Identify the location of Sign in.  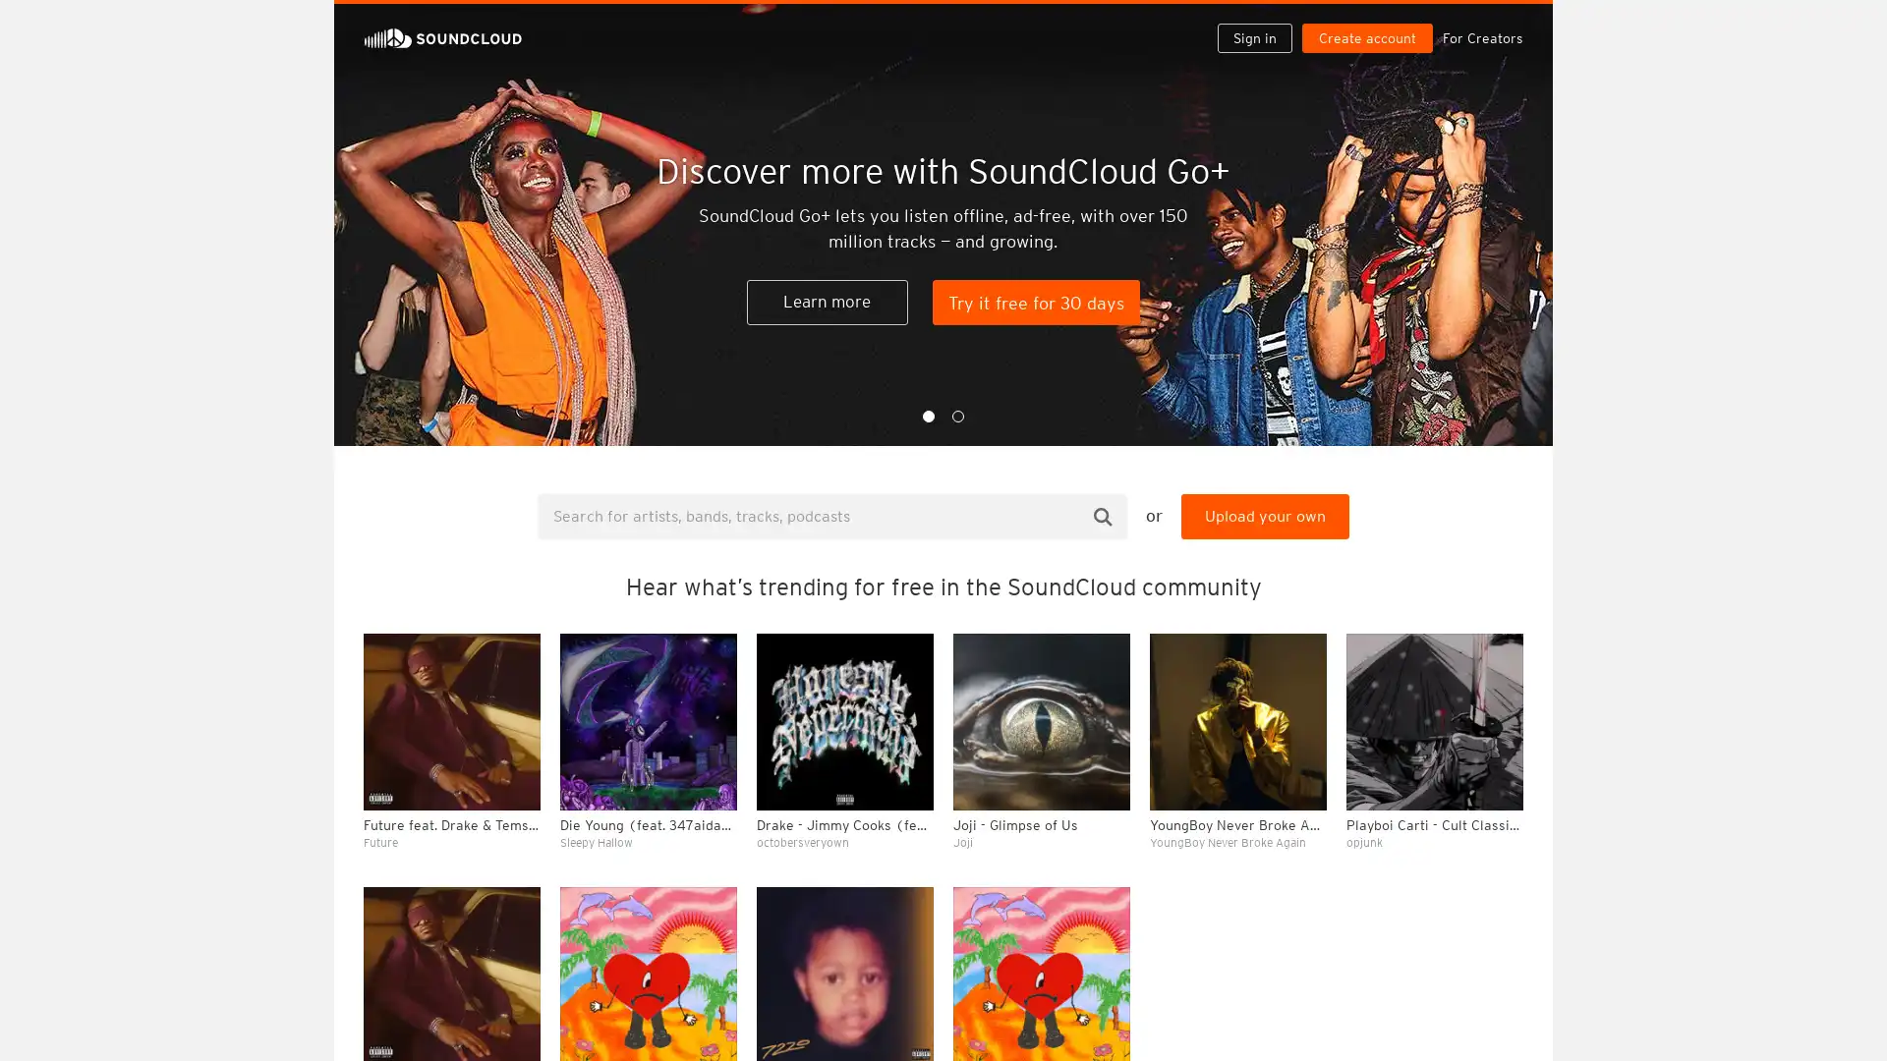
(1262, 22).